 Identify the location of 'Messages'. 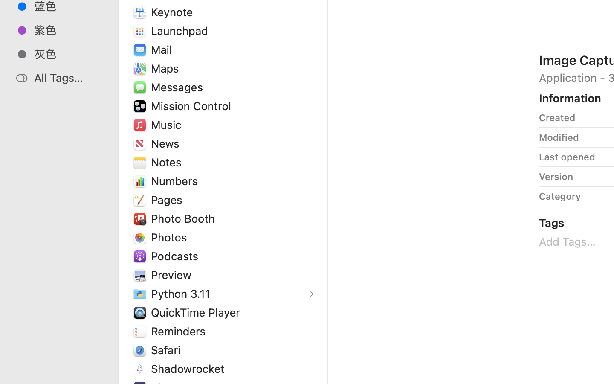
(178, 87).